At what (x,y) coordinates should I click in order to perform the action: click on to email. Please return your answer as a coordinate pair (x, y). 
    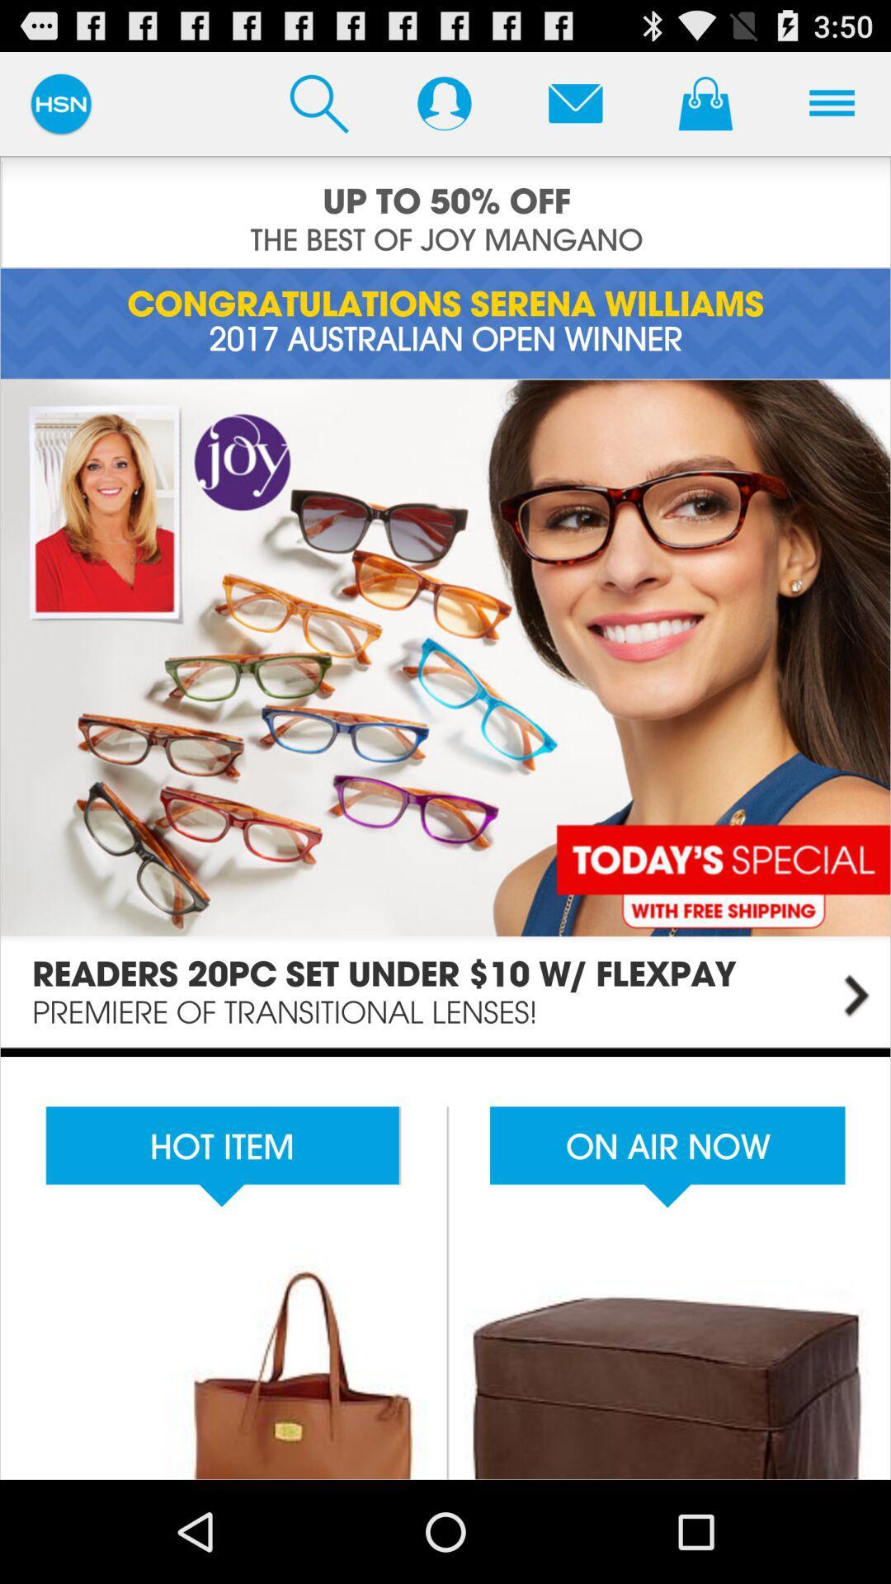
    Looking at the image, I should click on (574, 102).